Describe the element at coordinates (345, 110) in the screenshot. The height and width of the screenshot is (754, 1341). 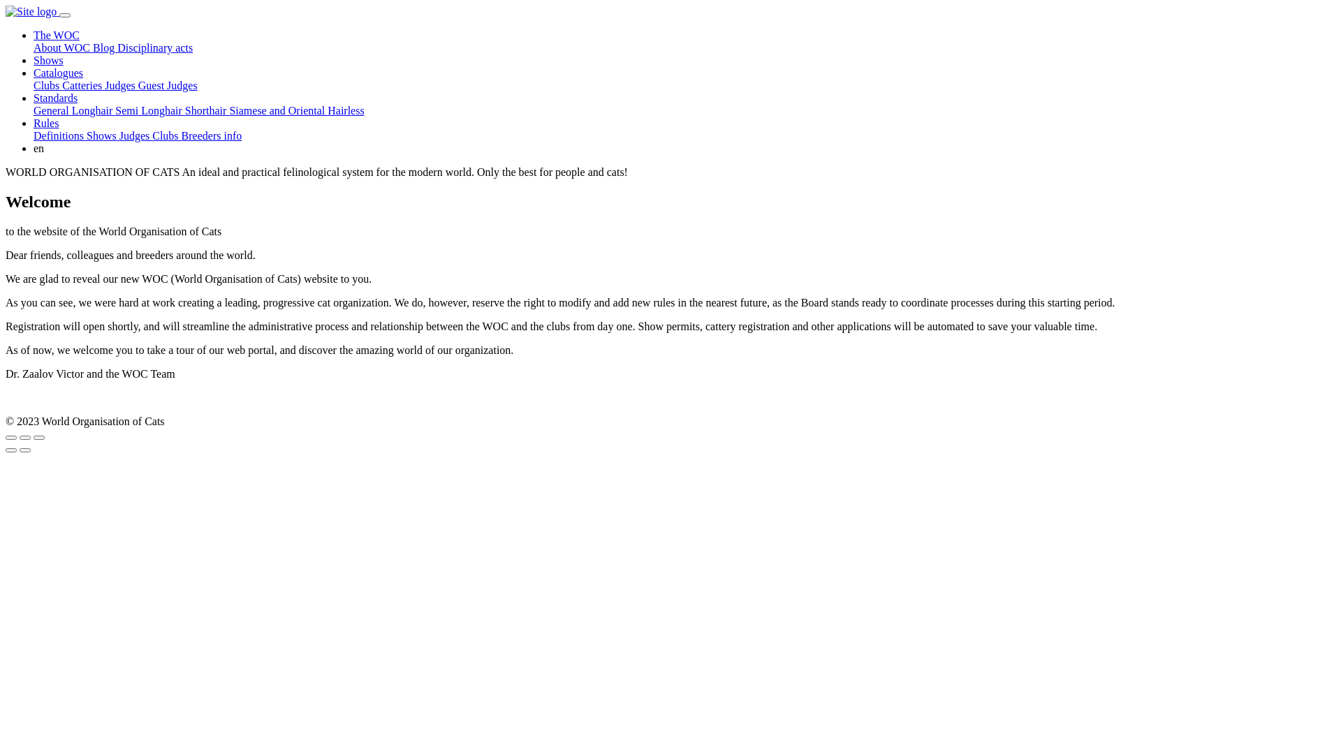
I see `'Hairless'` at that location.